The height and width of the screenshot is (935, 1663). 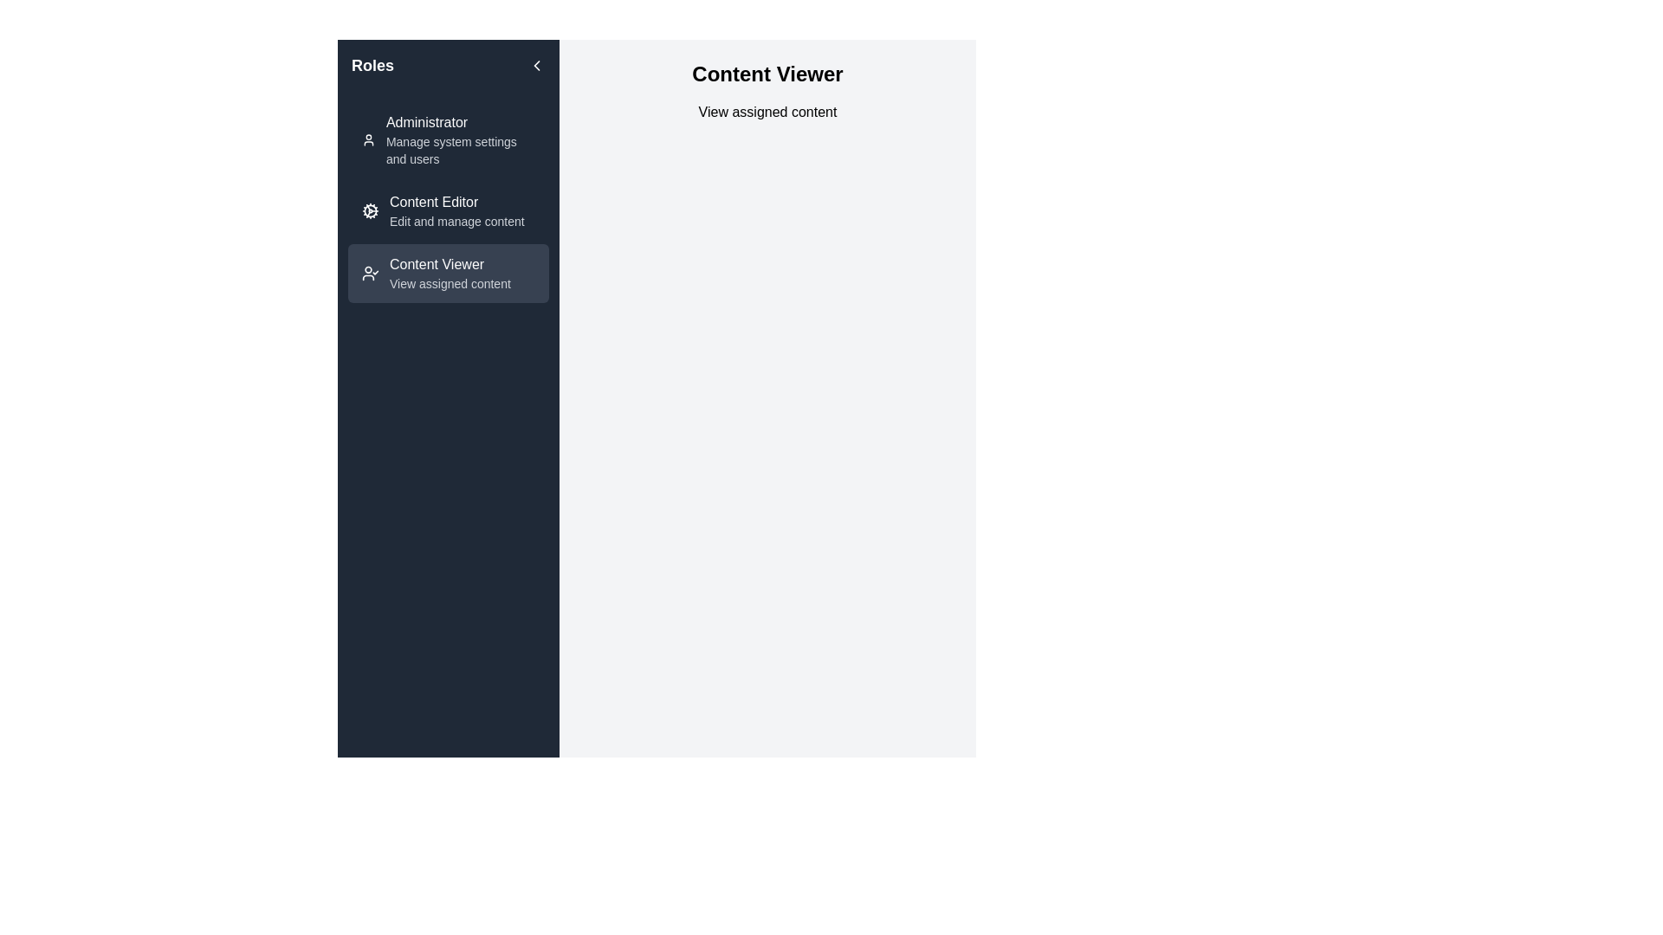 I want to click on the 'Administrator' role icon, which visually represents the 'Administrator' role and is positioned to the left of the text 'Administrator' in the left-hand sidebar, so click(x=367, y=139).